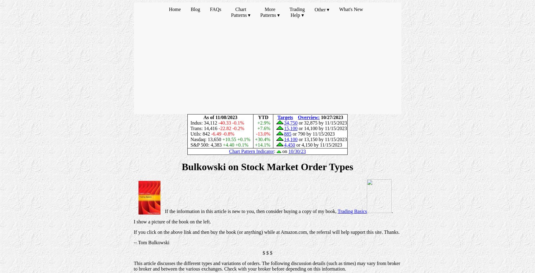  Describe the element at coordinates (232, 122) in the screenshot. I see `'-40.33 -0.1%'` at that location.